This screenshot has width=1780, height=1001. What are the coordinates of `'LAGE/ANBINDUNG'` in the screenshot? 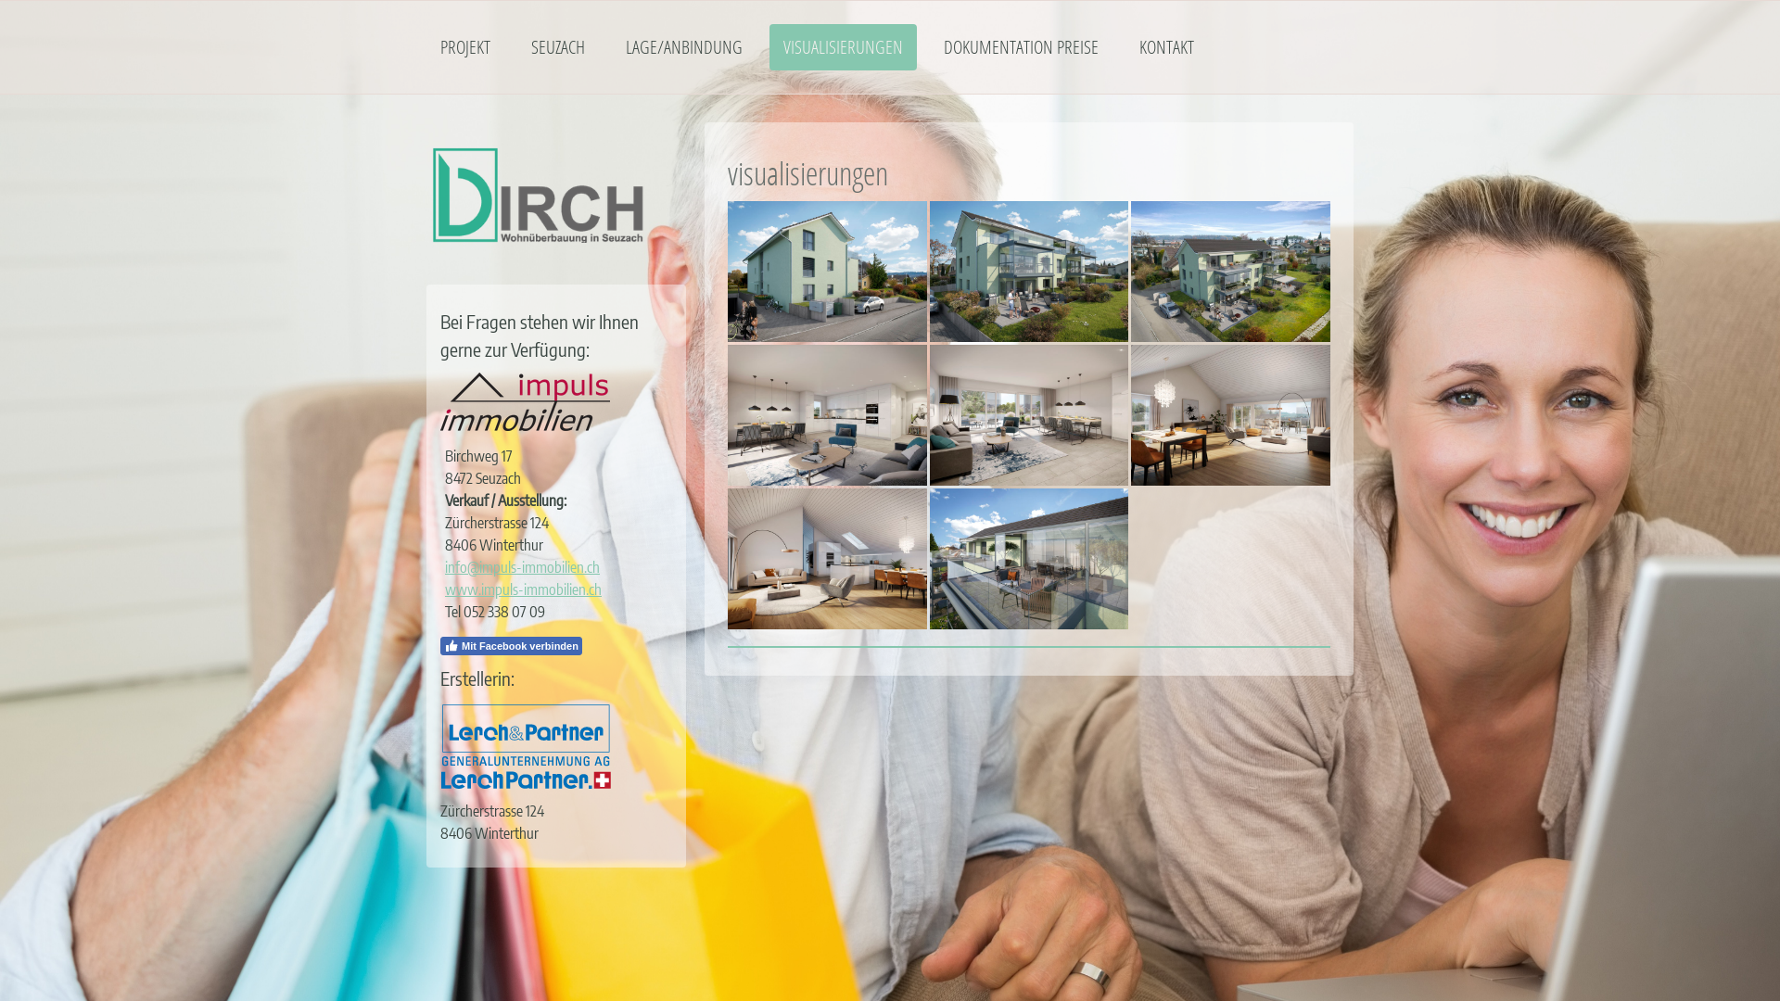 It's located at (683, 45).